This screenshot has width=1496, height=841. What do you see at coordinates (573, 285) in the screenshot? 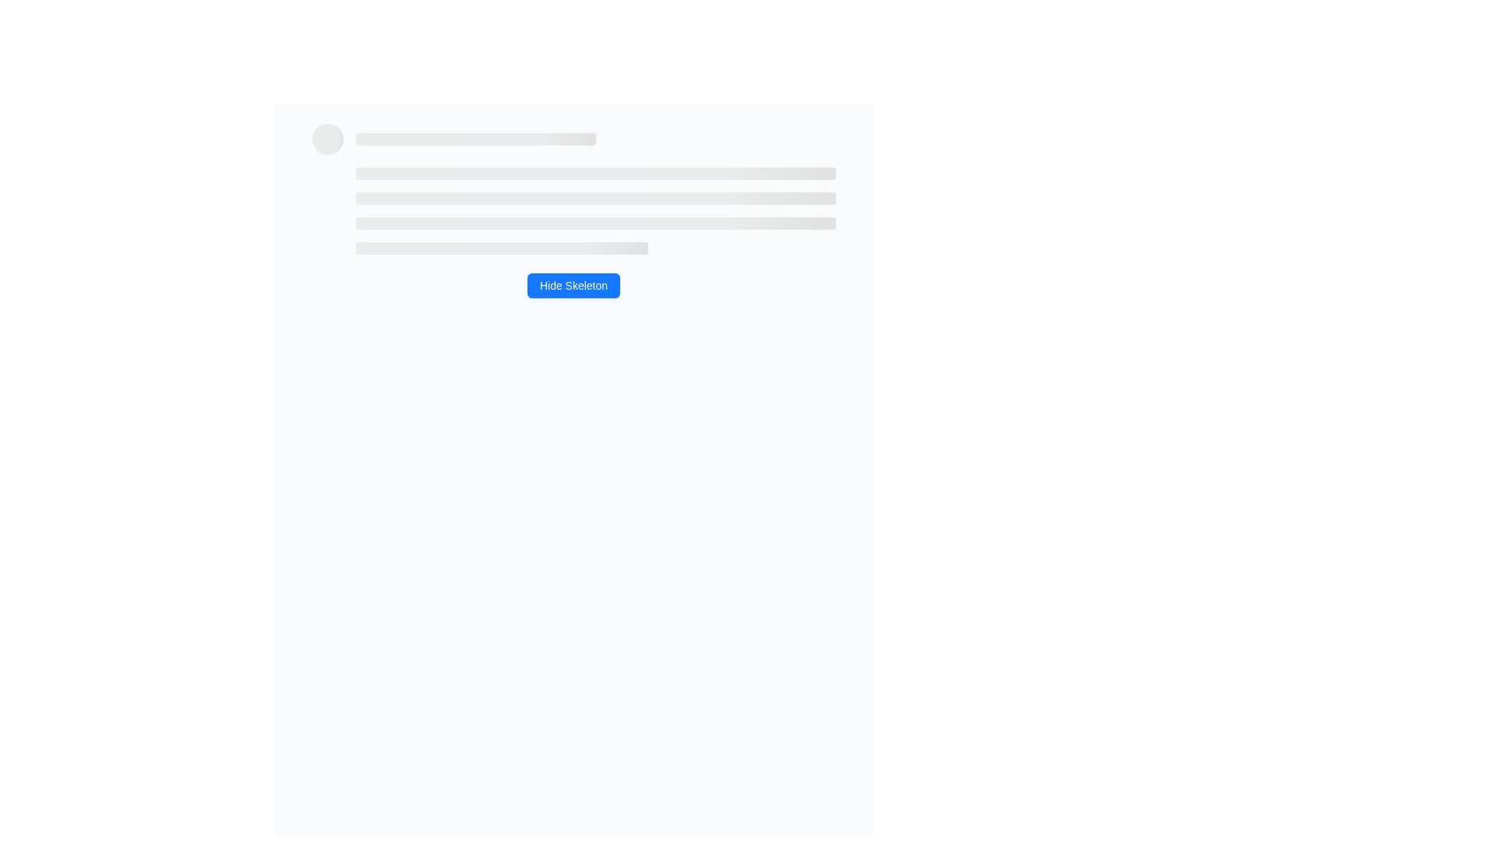
I see `the button located centered below the placeholder lines and avatar circle` at bounding box center [573, 285].